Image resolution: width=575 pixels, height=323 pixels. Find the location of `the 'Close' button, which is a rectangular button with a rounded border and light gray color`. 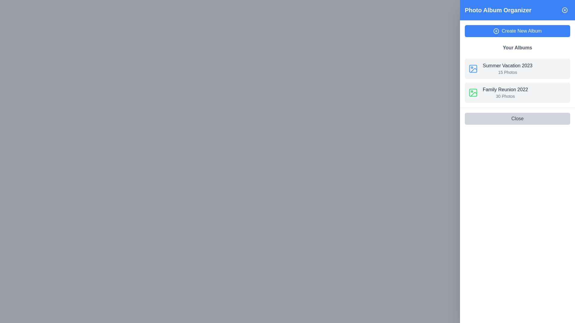

the 'Close' button, which is a rectangular button with a rounded border and light gray color is located at coordinates (517, 119).